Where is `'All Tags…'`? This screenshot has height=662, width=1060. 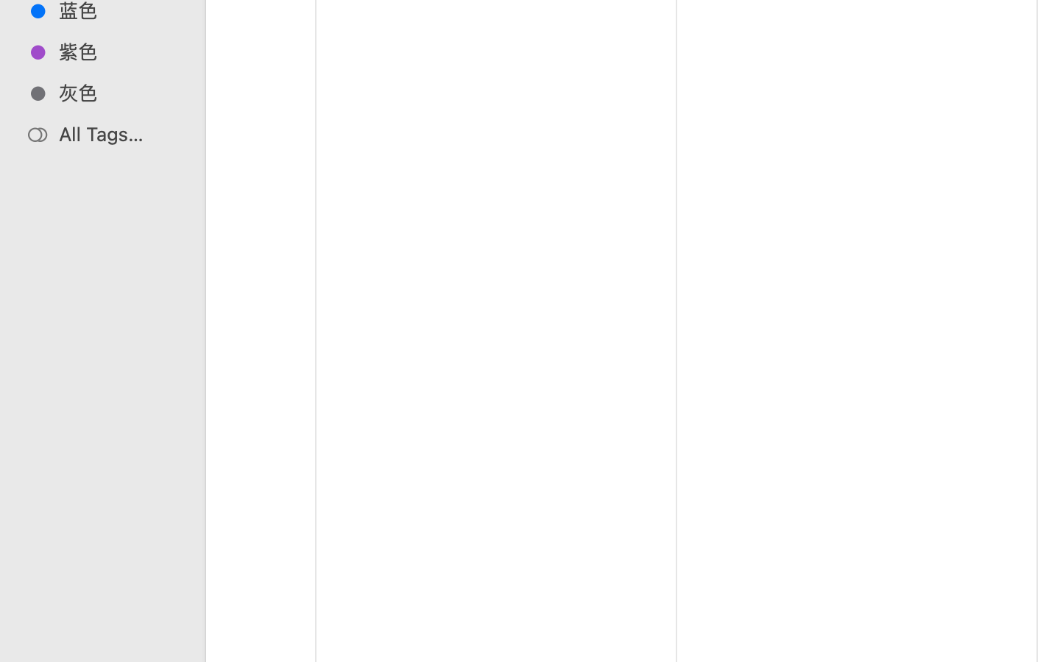 'All Tags…' is located at coordinates (117, 133).